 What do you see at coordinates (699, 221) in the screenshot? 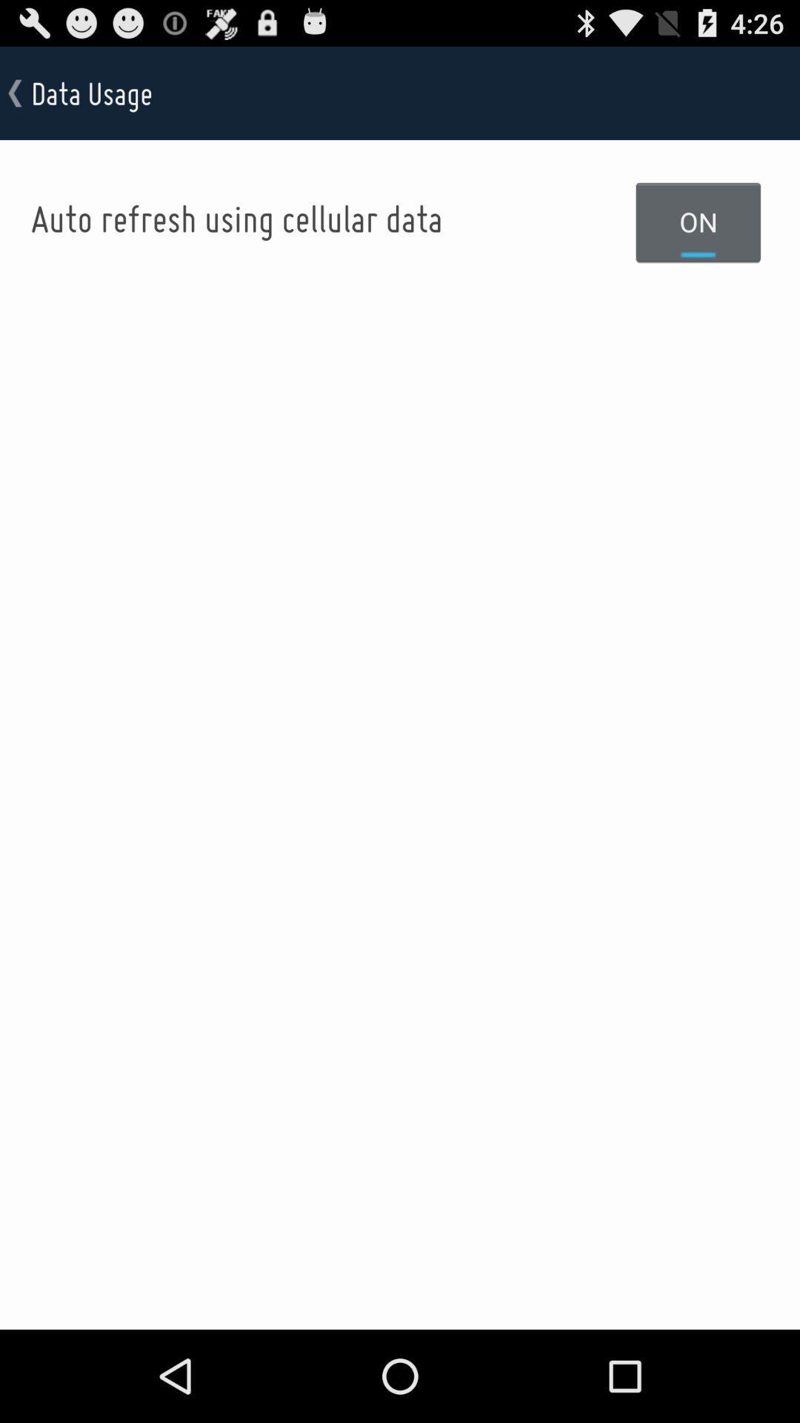
I see `the on at the top right corner` at bounding box center [699, 221].